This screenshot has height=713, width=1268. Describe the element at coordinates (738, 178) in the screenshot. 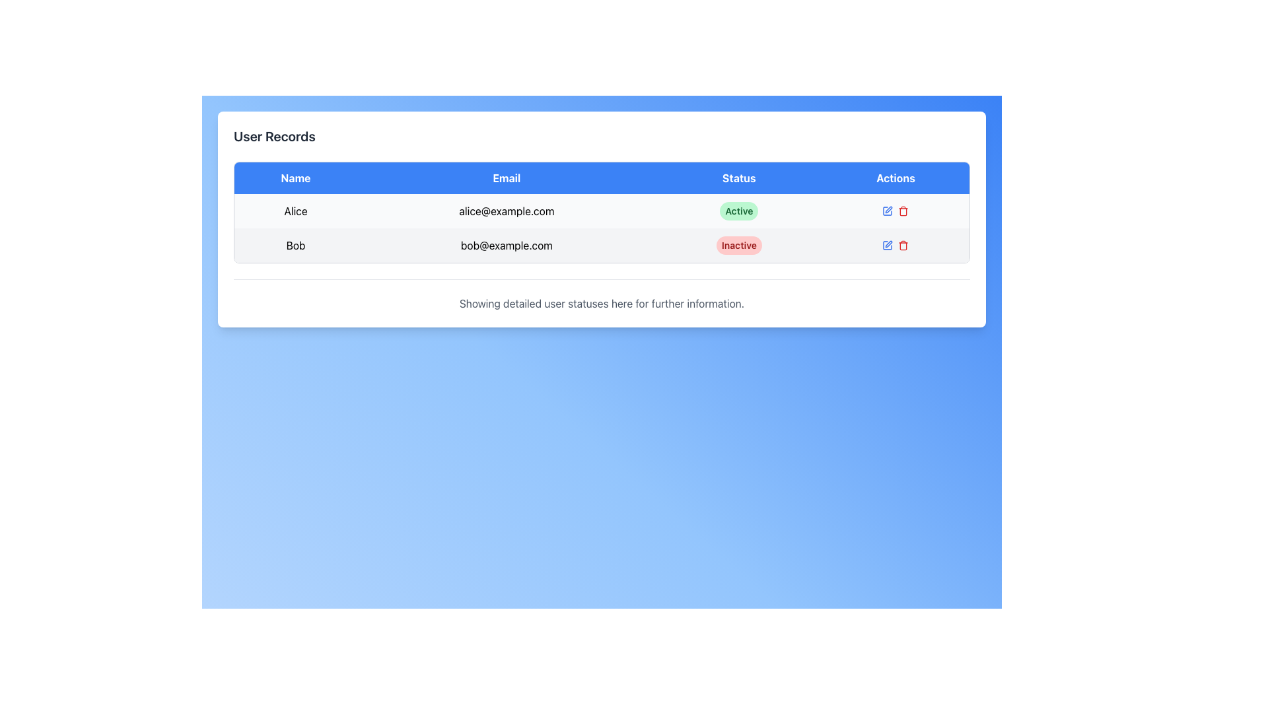

I see `the 'Status' label, which is displayed in bold, white text on a blue background, located as the third header in a table row between 'Email' and 'Actions'` at that location.